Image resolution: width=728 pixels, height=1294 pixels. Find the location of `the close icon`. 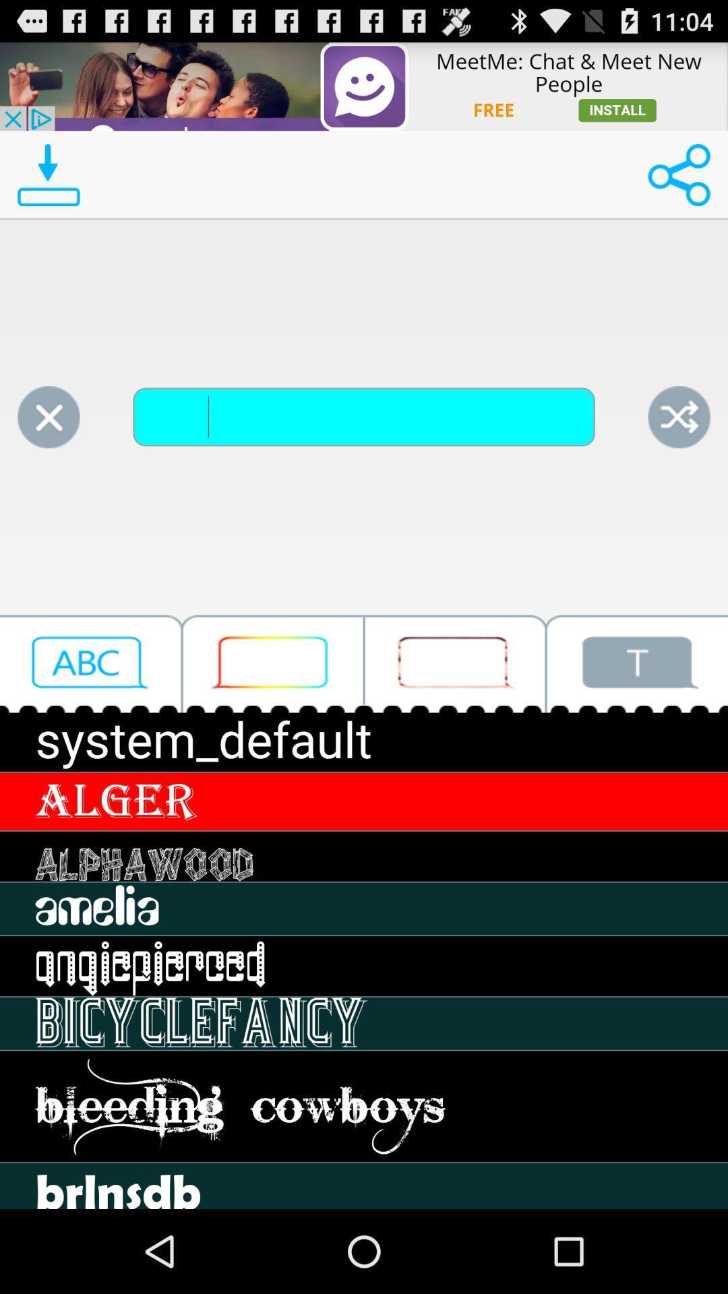

the close icon is located at coordinates (48, 446).